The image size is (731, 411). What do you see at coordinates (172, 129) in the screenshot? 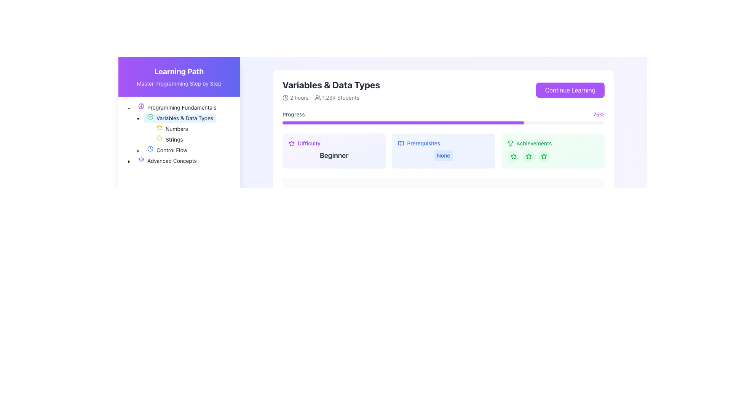
I see `the clickable text label with an icon for navigating to the 'Numbers' section` at bounding box center [172, 129].